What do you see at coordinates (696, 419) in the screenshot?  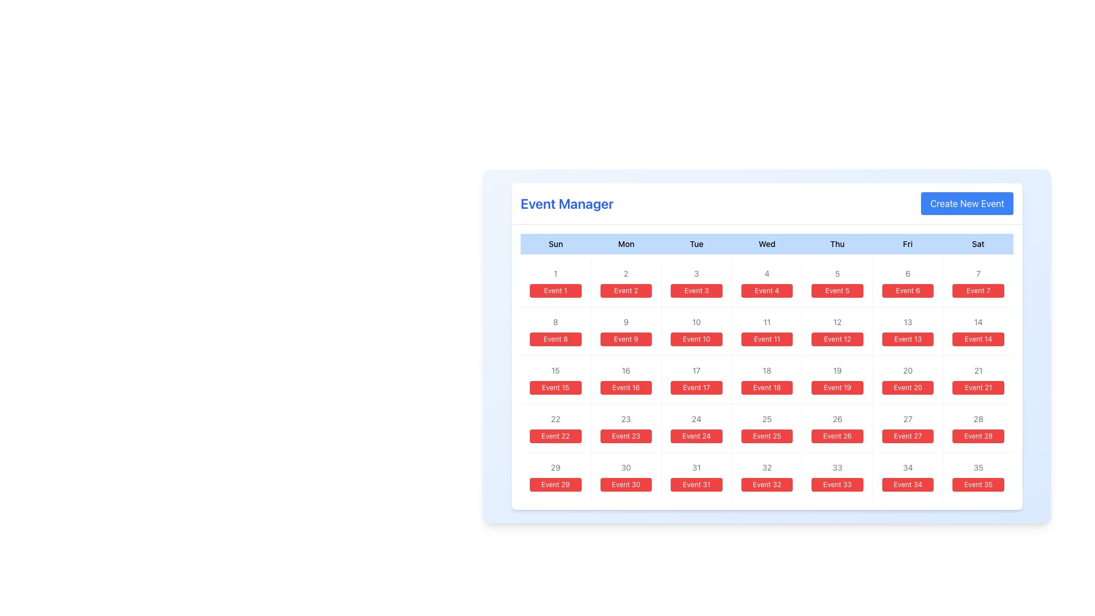 I see `the static text label displaying the date number '24' in the calendar interface, located in the Tuesday column, fourth row, above the 'Event 24' button` at bounding box center [696, 419].